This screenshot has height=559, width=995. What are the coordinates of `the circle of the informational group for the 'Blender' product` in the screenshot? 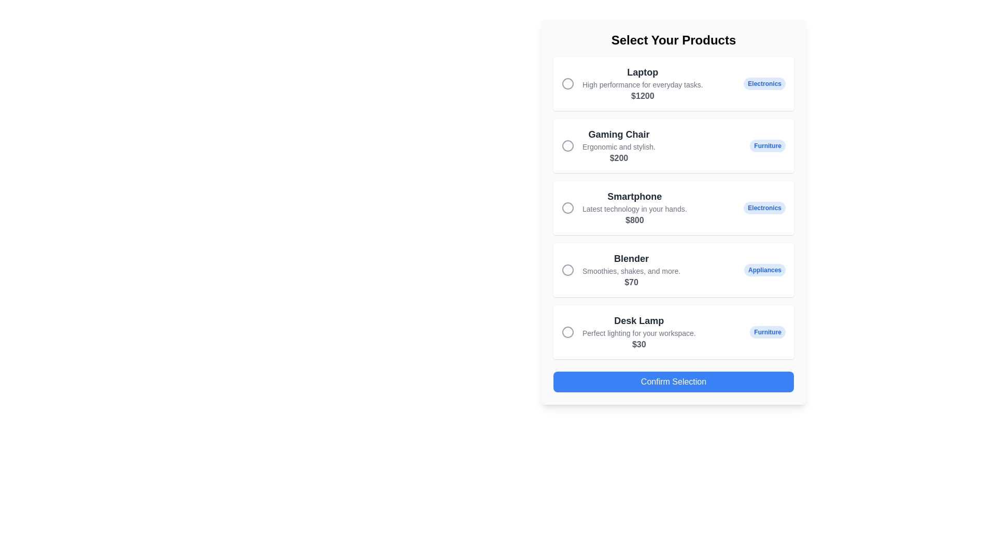 It's located at (621, 269).